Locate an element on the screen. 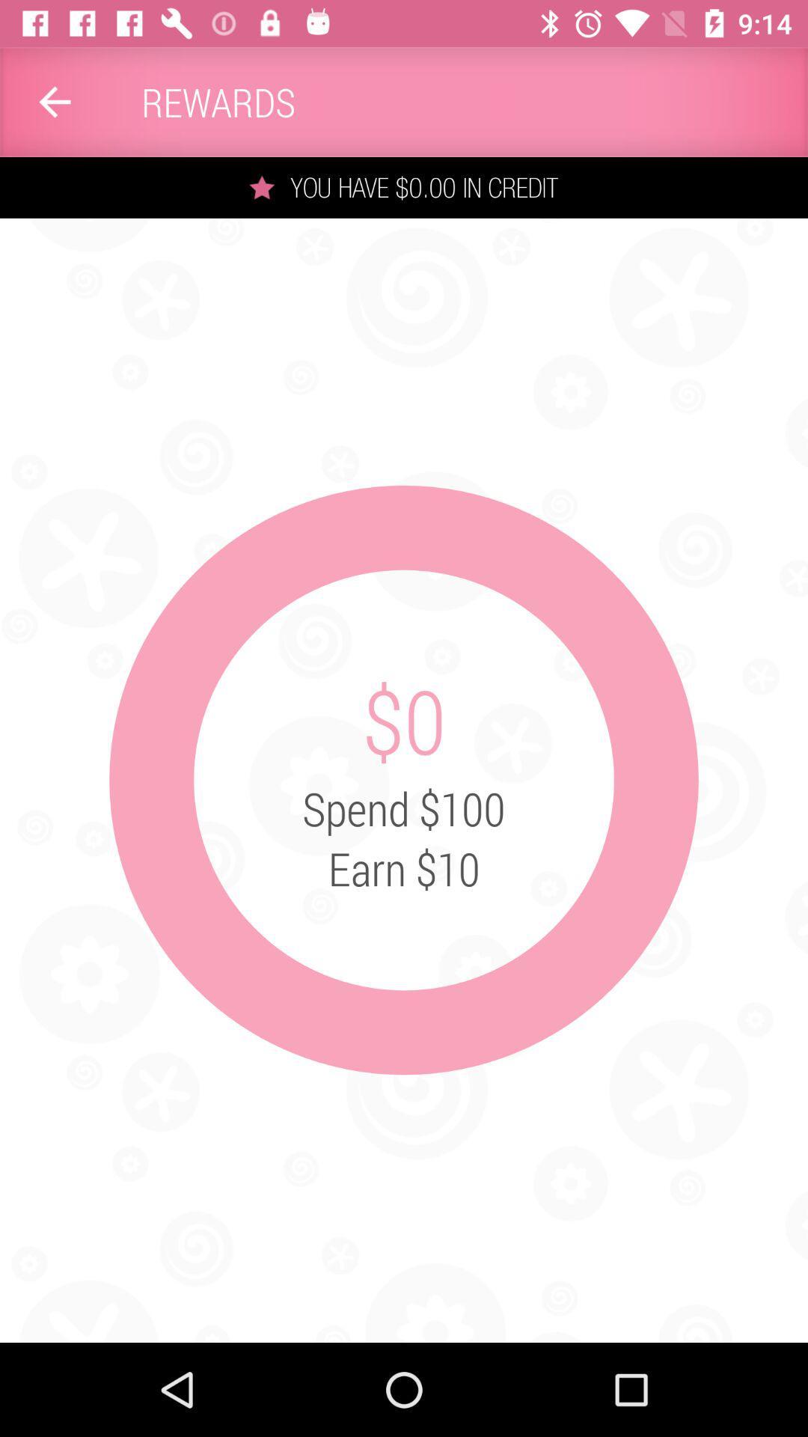  the app to the left of the rewards item is located at coordinates (54, 101).